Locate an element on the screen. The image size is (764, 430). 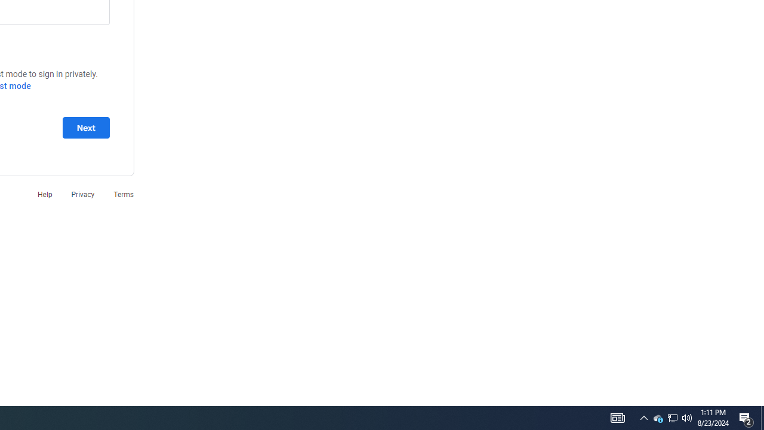
'Privacy' is located at coordinates (82, 193).